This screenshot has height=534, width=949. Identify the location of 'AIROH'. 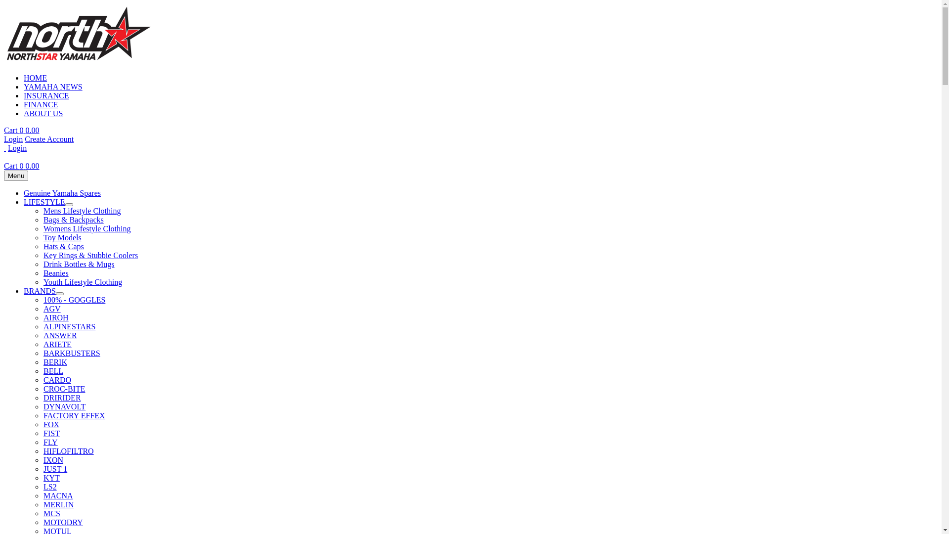
(55, 317).